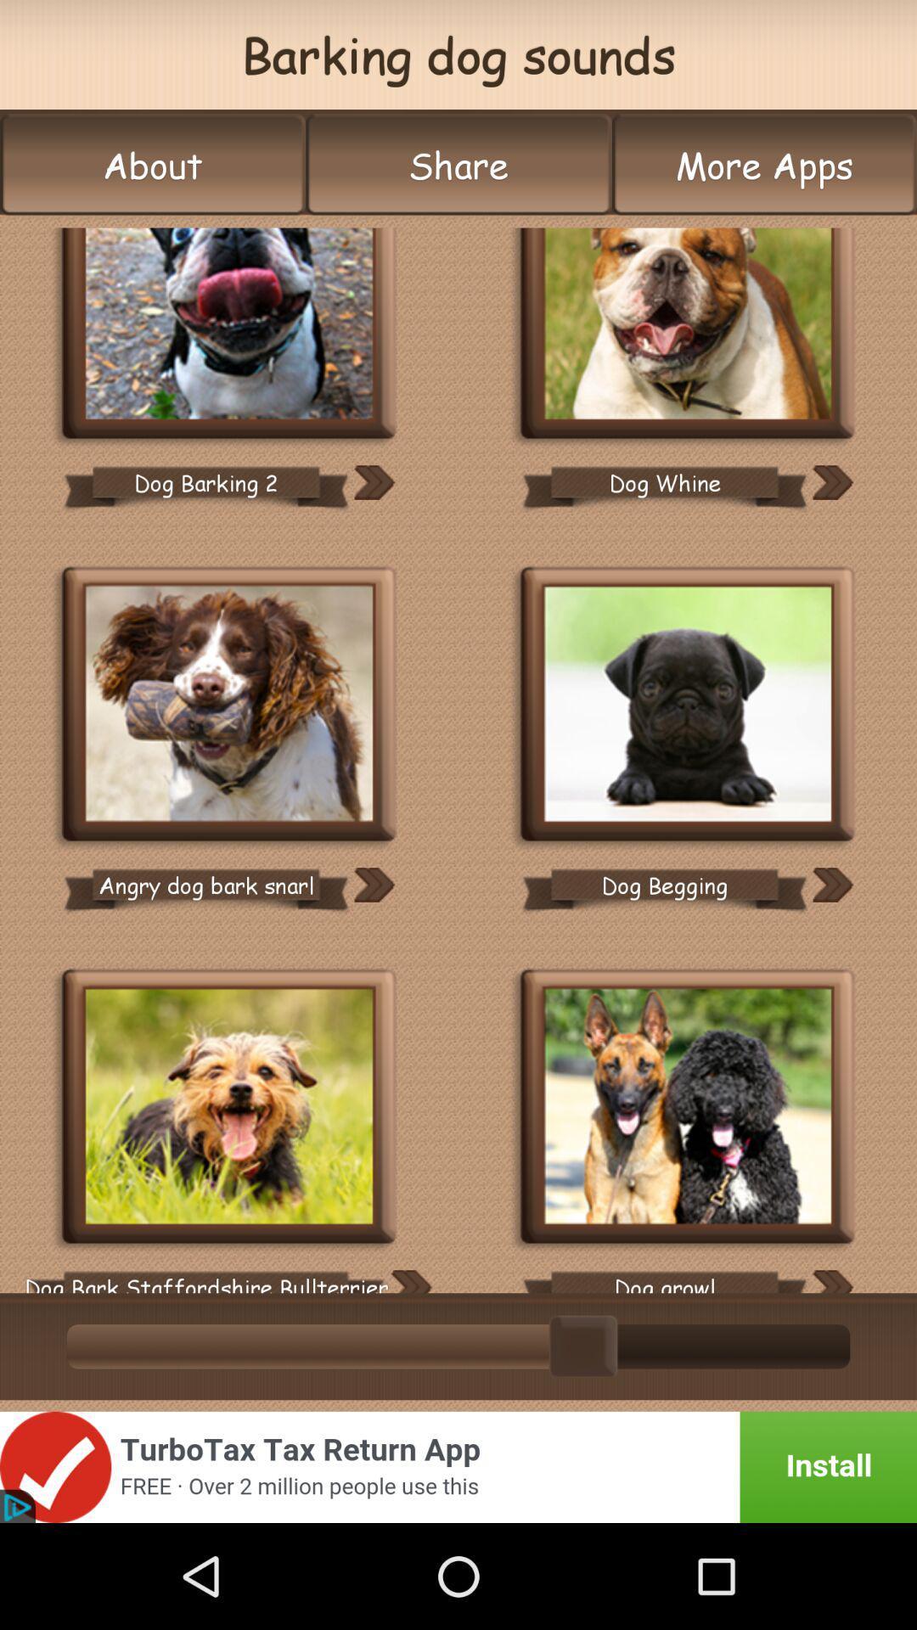 The width and height of the screenshot is (917, 1630). What do you see at coordinates (229, 334) in the screenshot?
I see `dog barking 2` at bounding box center [229, 334].